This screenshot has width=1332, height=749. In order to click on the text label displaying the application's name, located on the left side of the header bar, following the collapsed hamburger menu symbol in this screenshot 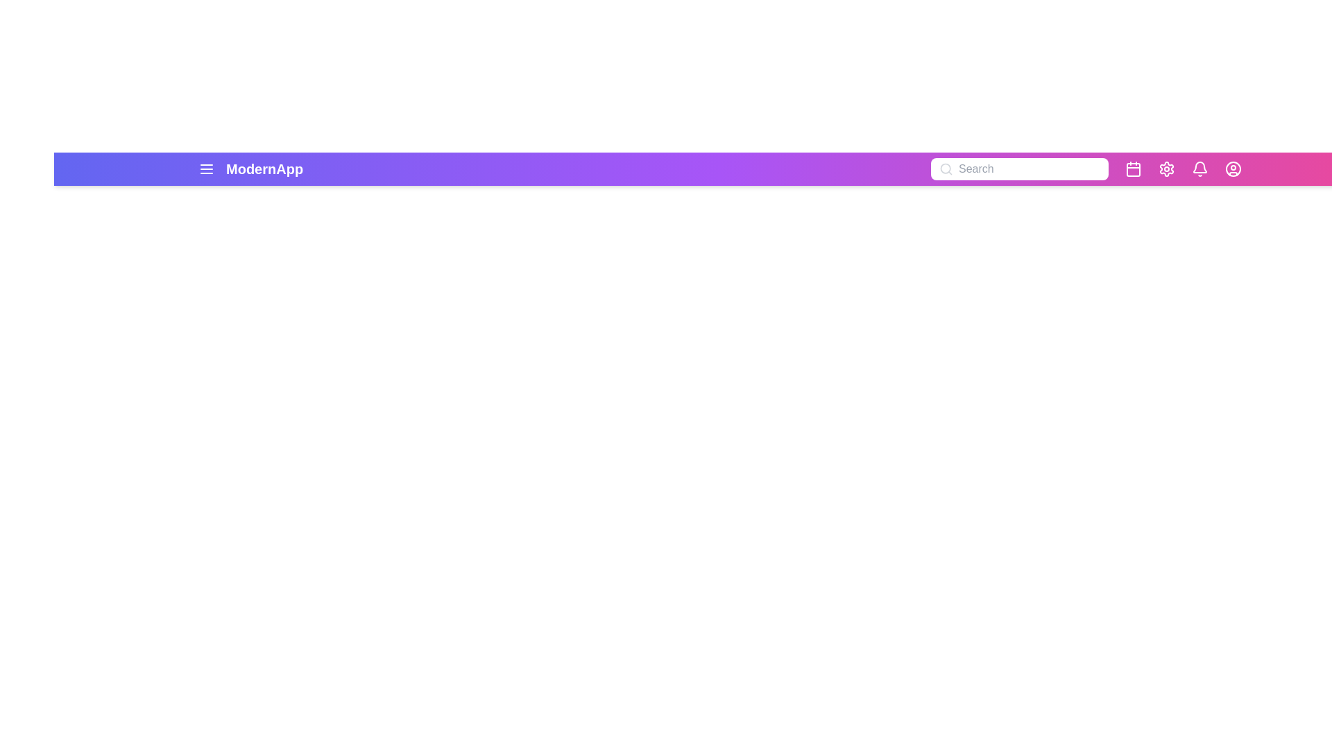, I will do `click(264, 168)`.